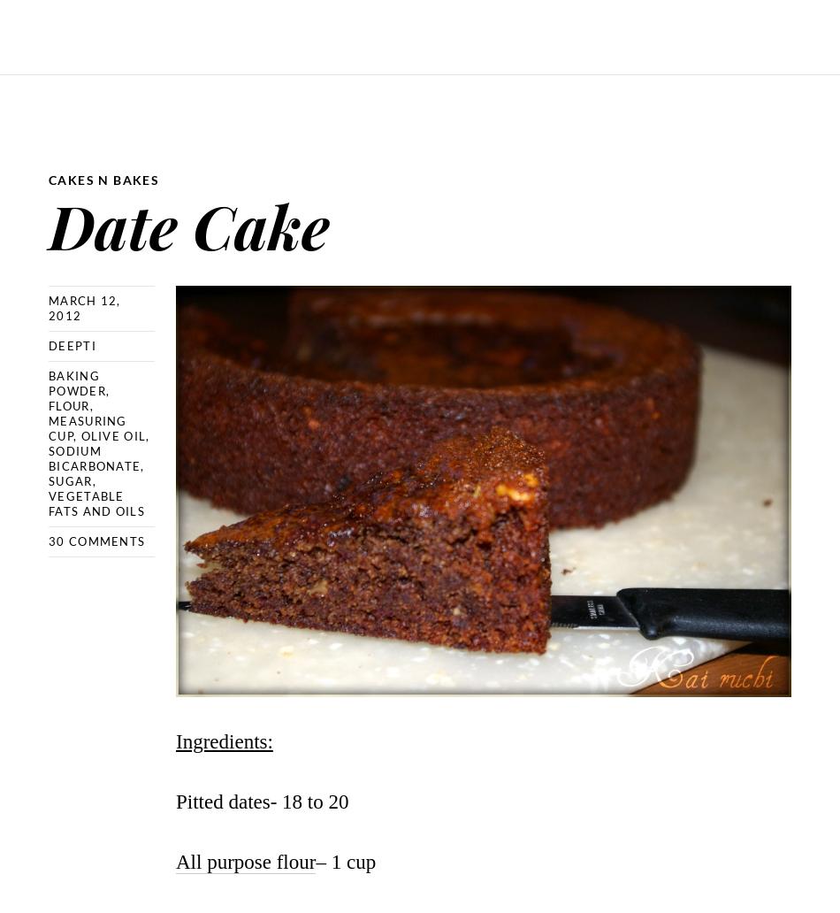 This screenshot has width=840, height=913. What do you see at coordinates (223, 740) in the screenshot?
I see `'Ingredients:'` at bounding box center [223, 740].